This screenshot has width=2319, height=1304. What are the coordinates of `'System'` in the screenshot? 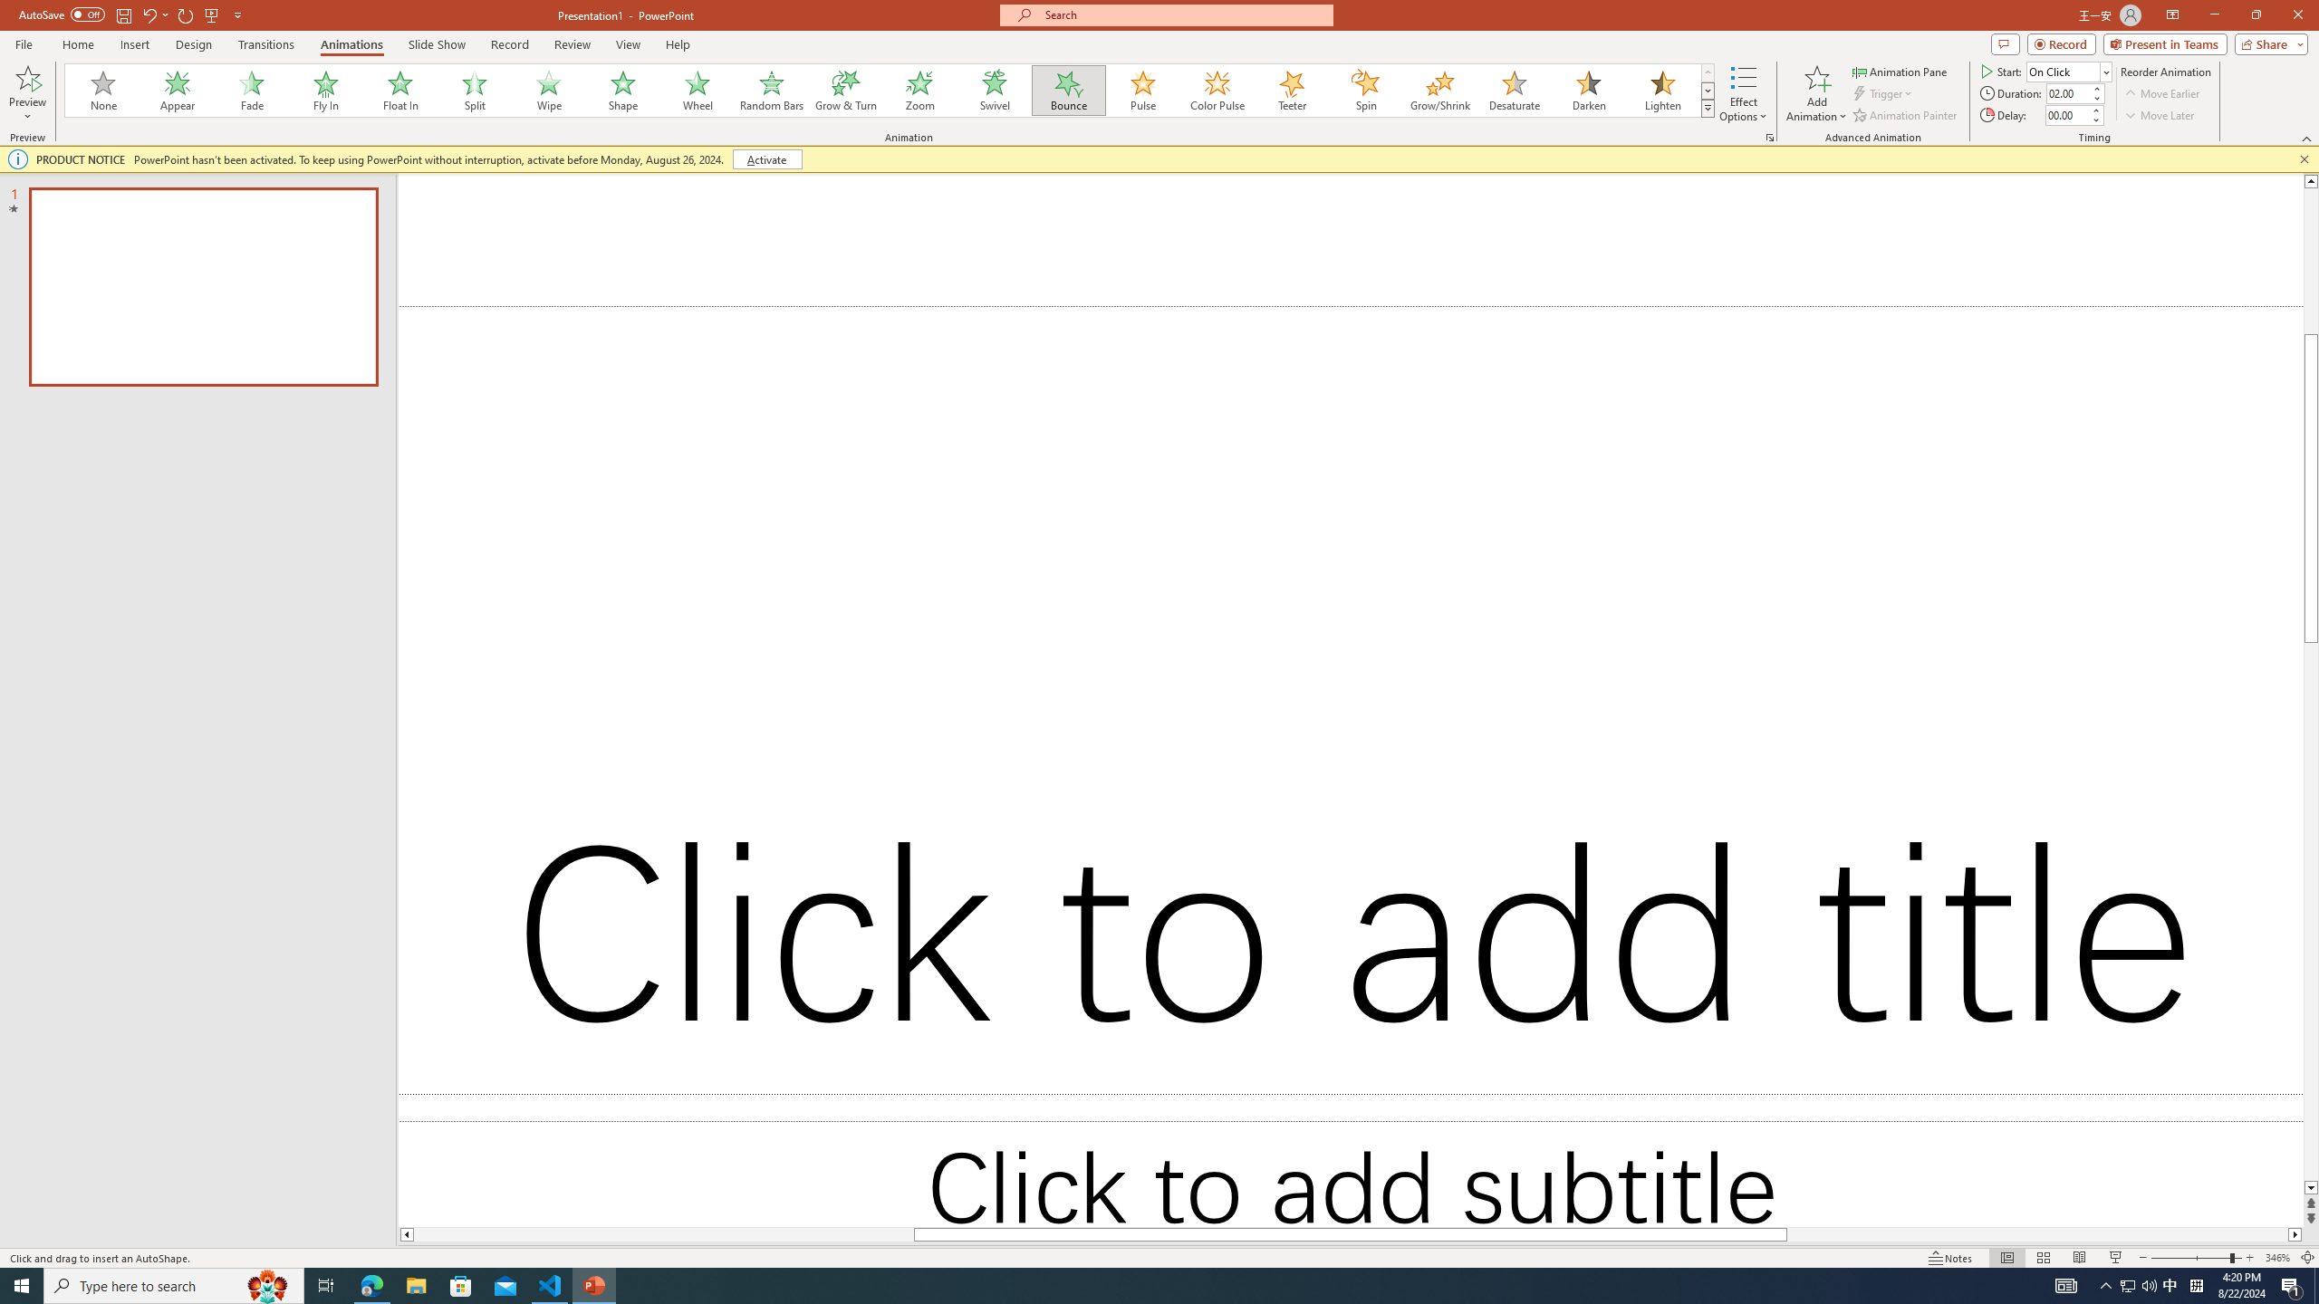 It's located at (10, 8).